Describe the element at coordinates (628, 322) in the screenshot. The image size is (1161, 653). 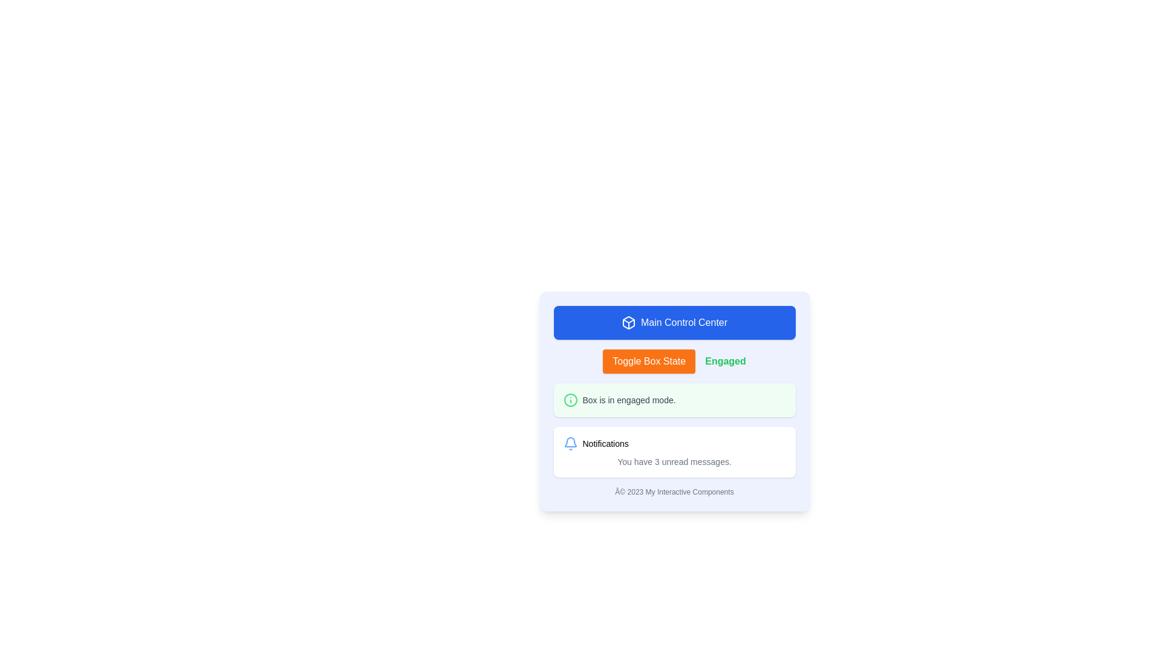
I see `the 3D box icon located in the blue rectangular section labeled 'Main Control Center', positioned to the left of the text` at that location.